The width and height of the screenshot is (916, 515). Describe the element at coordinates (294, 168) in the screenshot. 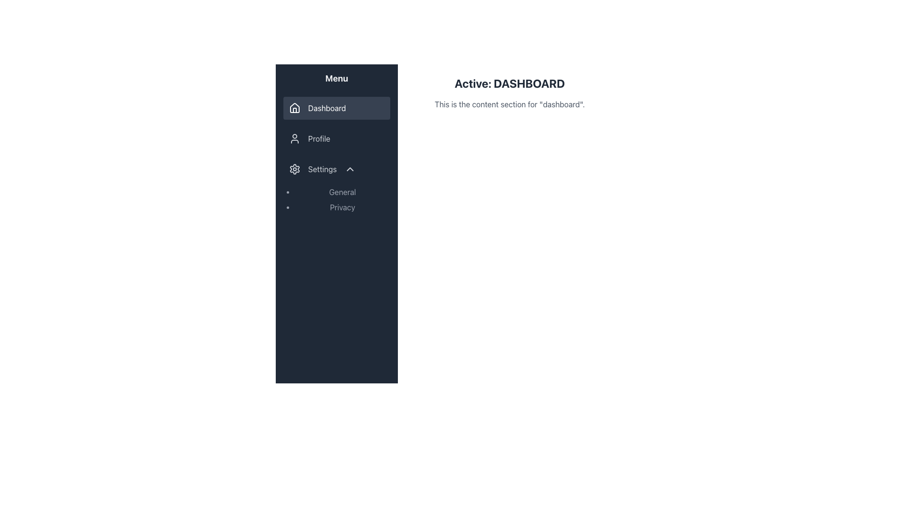

I see `the gear icon representing settings, which is located to the left of the 'Settings' text in the navigation menu` at that location.